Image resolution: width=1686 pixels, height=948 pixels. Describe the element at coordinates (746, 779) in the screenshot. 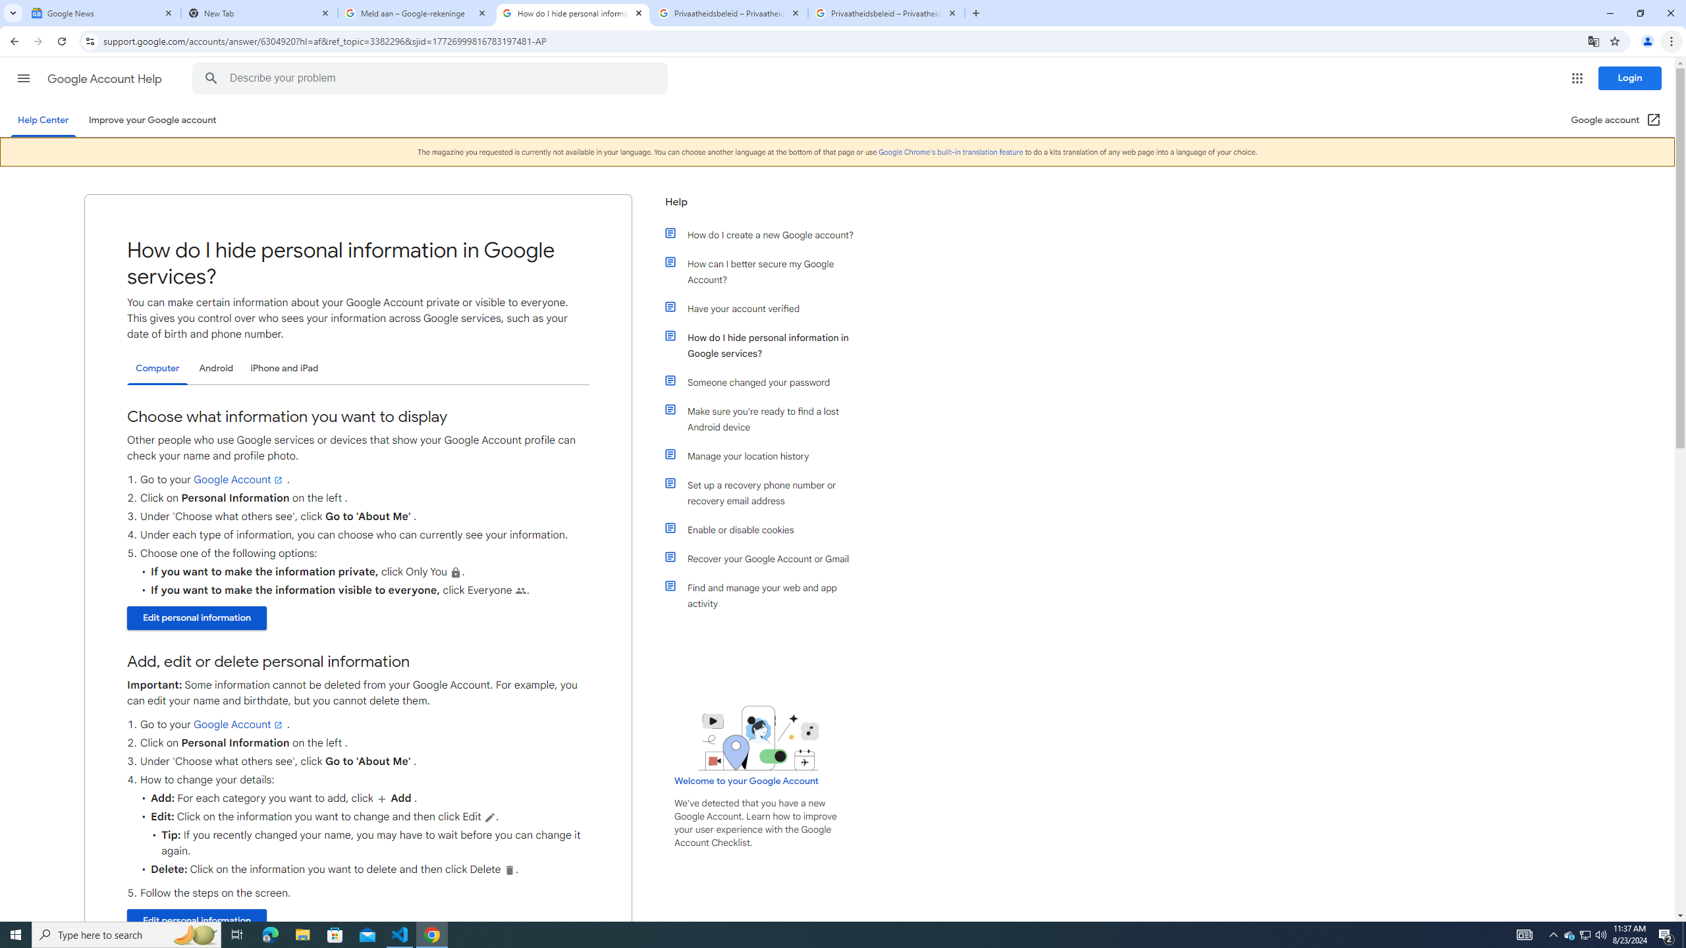

I see `'Welcome to your Google Account'` at that location.